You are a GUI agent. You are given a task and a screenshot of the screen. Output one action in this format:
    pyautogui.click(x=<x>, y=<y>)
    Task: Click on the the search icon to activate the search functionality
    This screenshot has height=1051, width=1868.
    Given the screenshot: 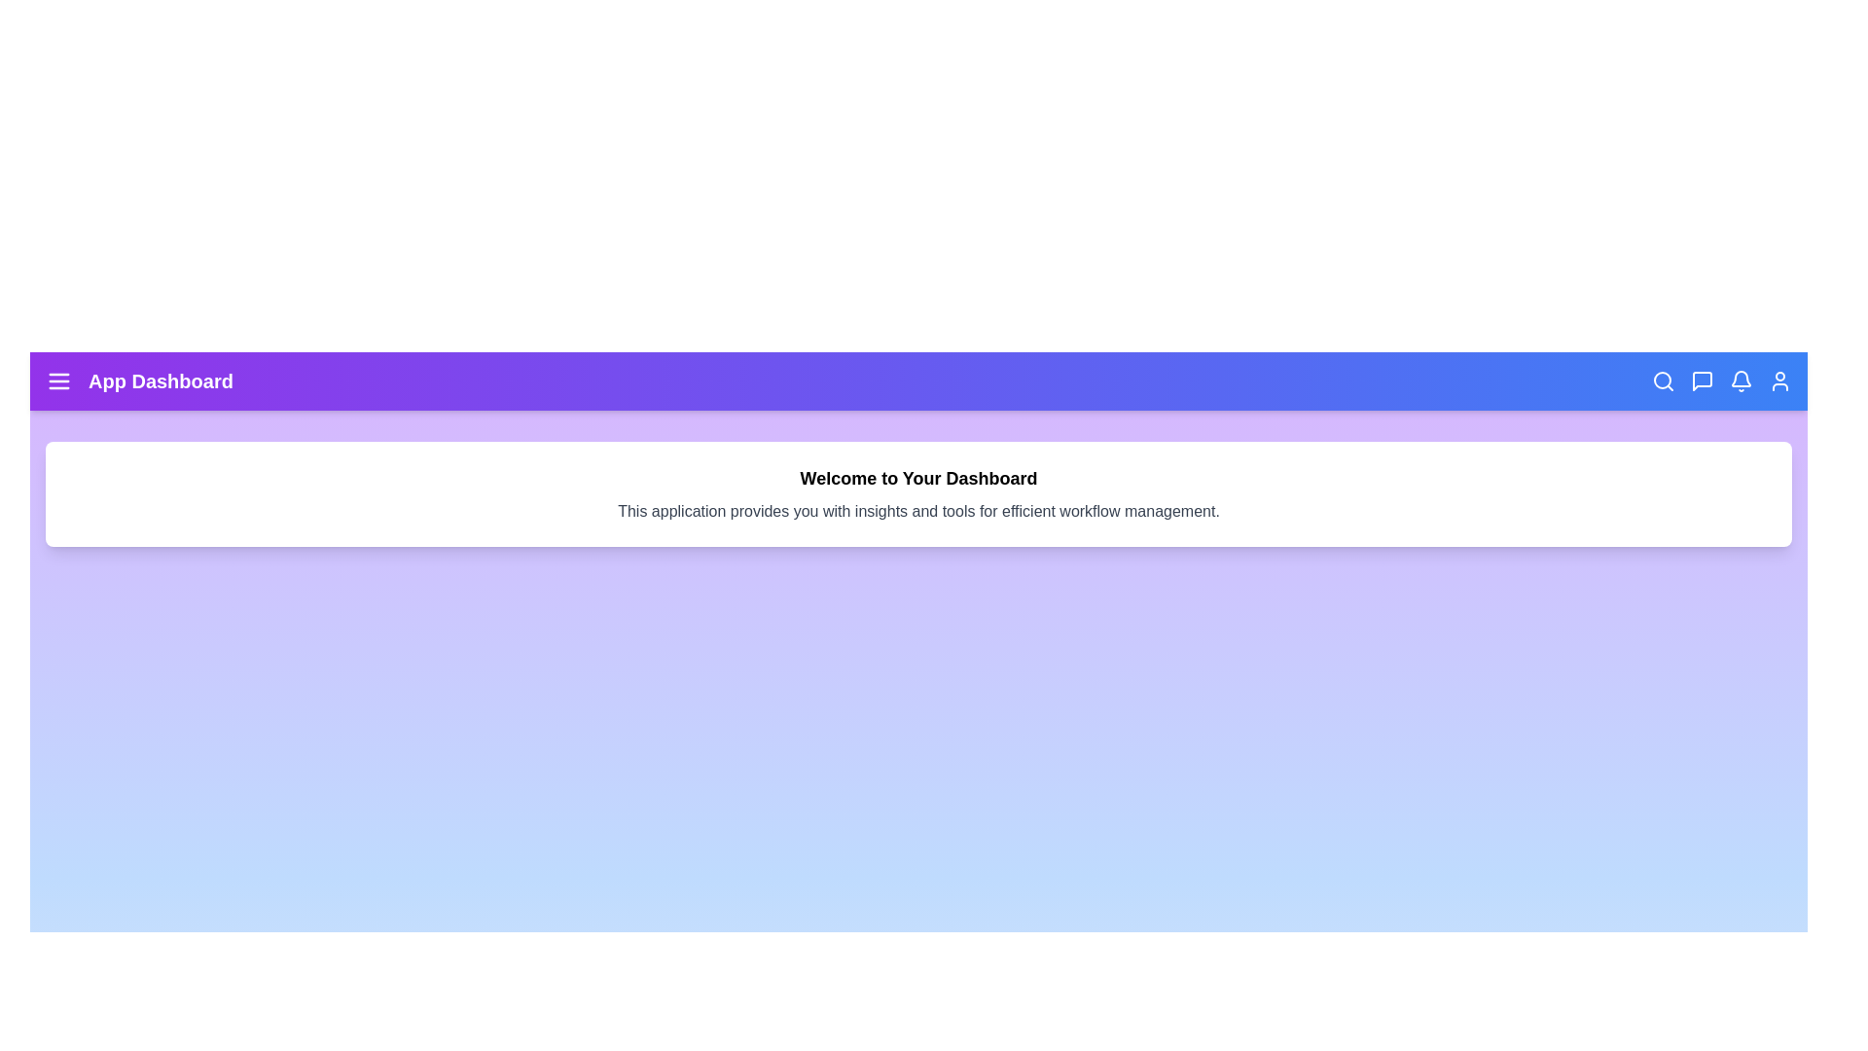 What is the action you would take?
    pyautogui.click(x=1662, y=381)
    